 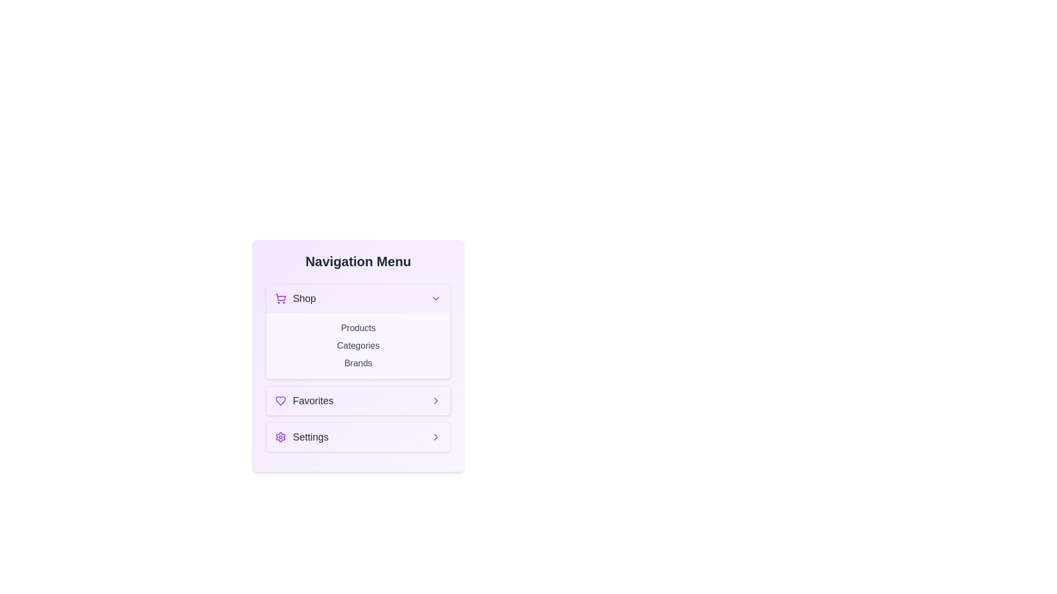 What do you see at coordinates (296, 299) in the screenshot?
I see `the 'Shop' menu item, which features a purple shopping cart icon on the left and bold black text on the right` at bounding box center [296, 299].